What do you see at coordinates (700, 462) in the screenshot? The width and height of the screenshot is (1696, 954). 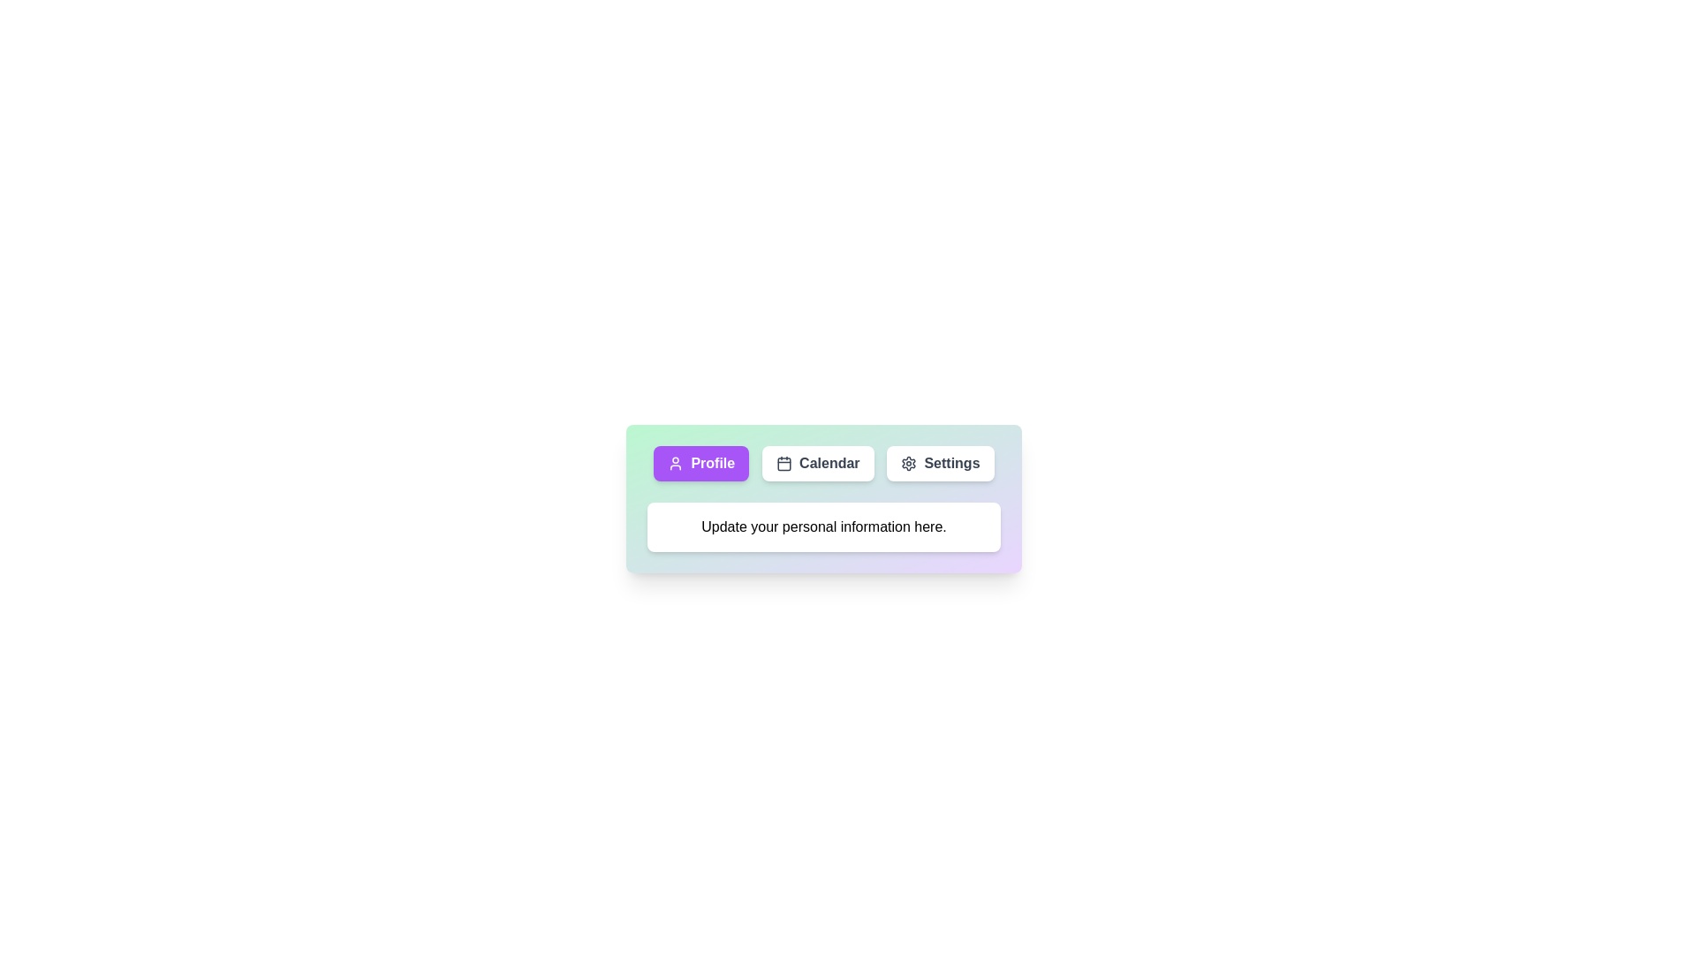 I see `the 'Profile' button, which is styled with a rounded rectangular shape, a purple background, and white text, to observe related effects like scaling` at bounding box center [700, 462].